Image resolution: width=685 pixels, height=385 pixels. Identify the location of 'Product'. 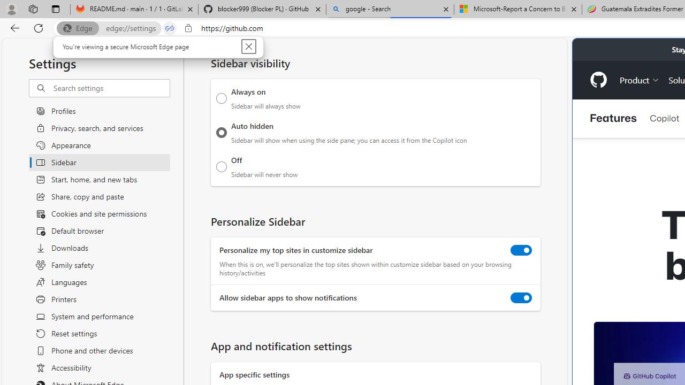
(640, 79).